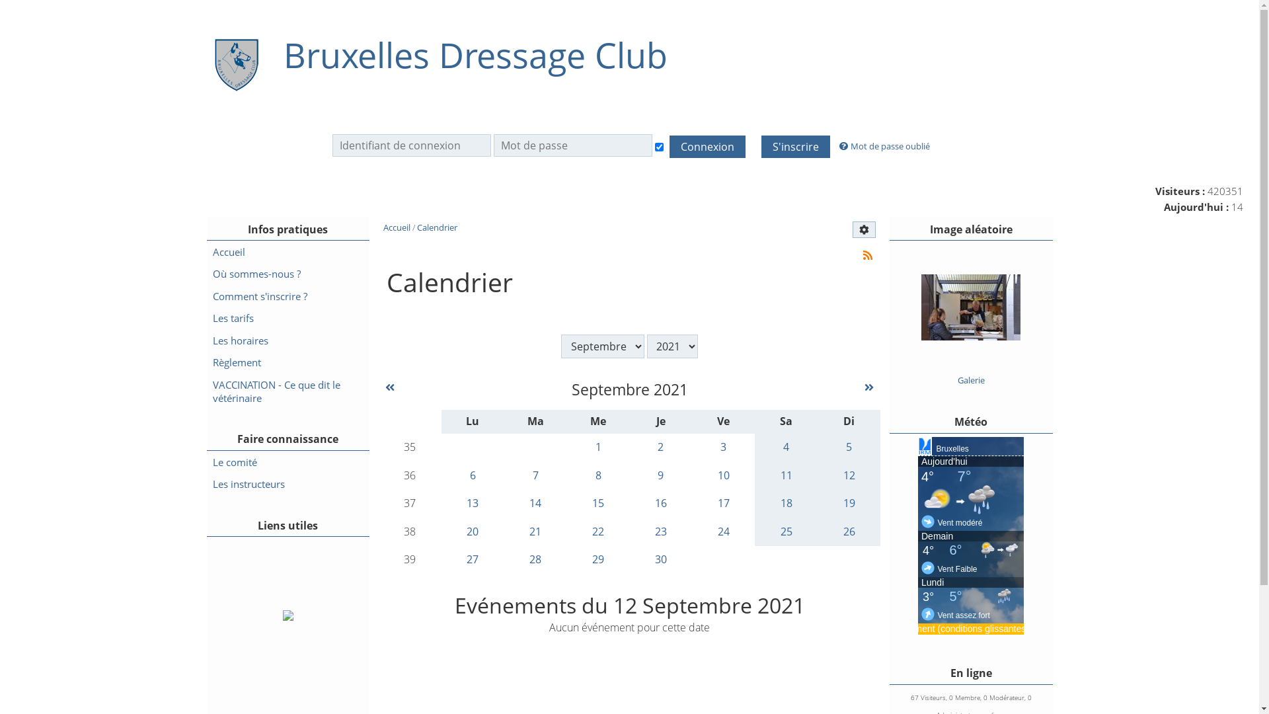  Describe the element at coordinates (849, 475) in the screenshot. I see `'12'` at that location.